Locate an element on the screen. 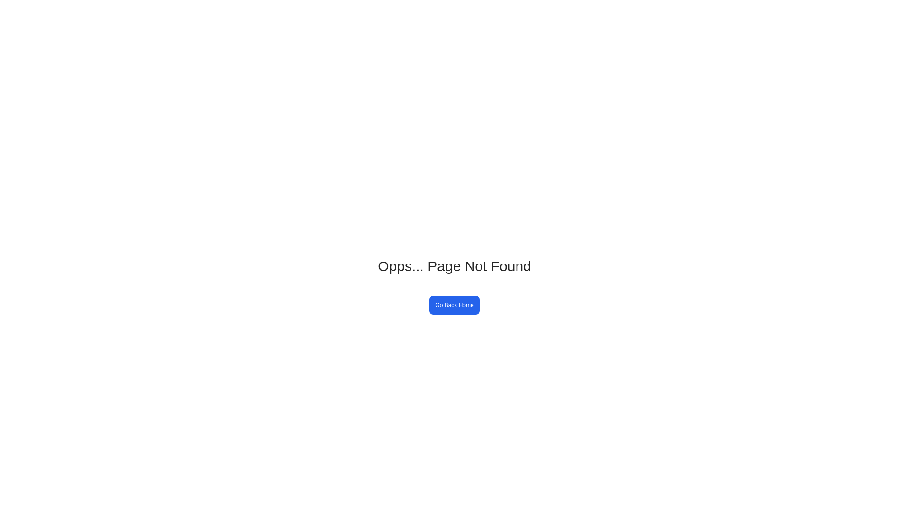 This screenshot has height=511, width=909. 'Go Back Home' is located at coordinates (429, 305).